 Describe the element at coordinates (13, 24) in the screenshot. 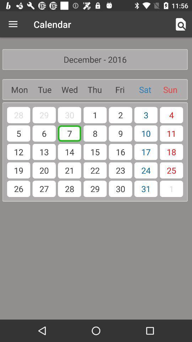

I see `the item to the left of the calendar` at that location.